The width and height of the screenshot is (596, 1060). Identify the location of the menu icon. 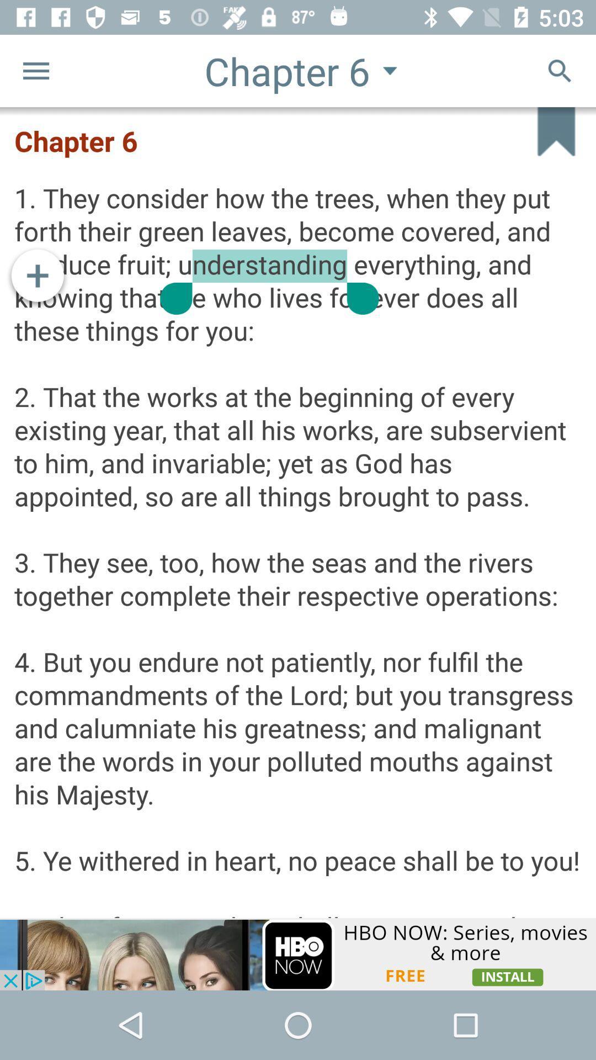
(35, 70).